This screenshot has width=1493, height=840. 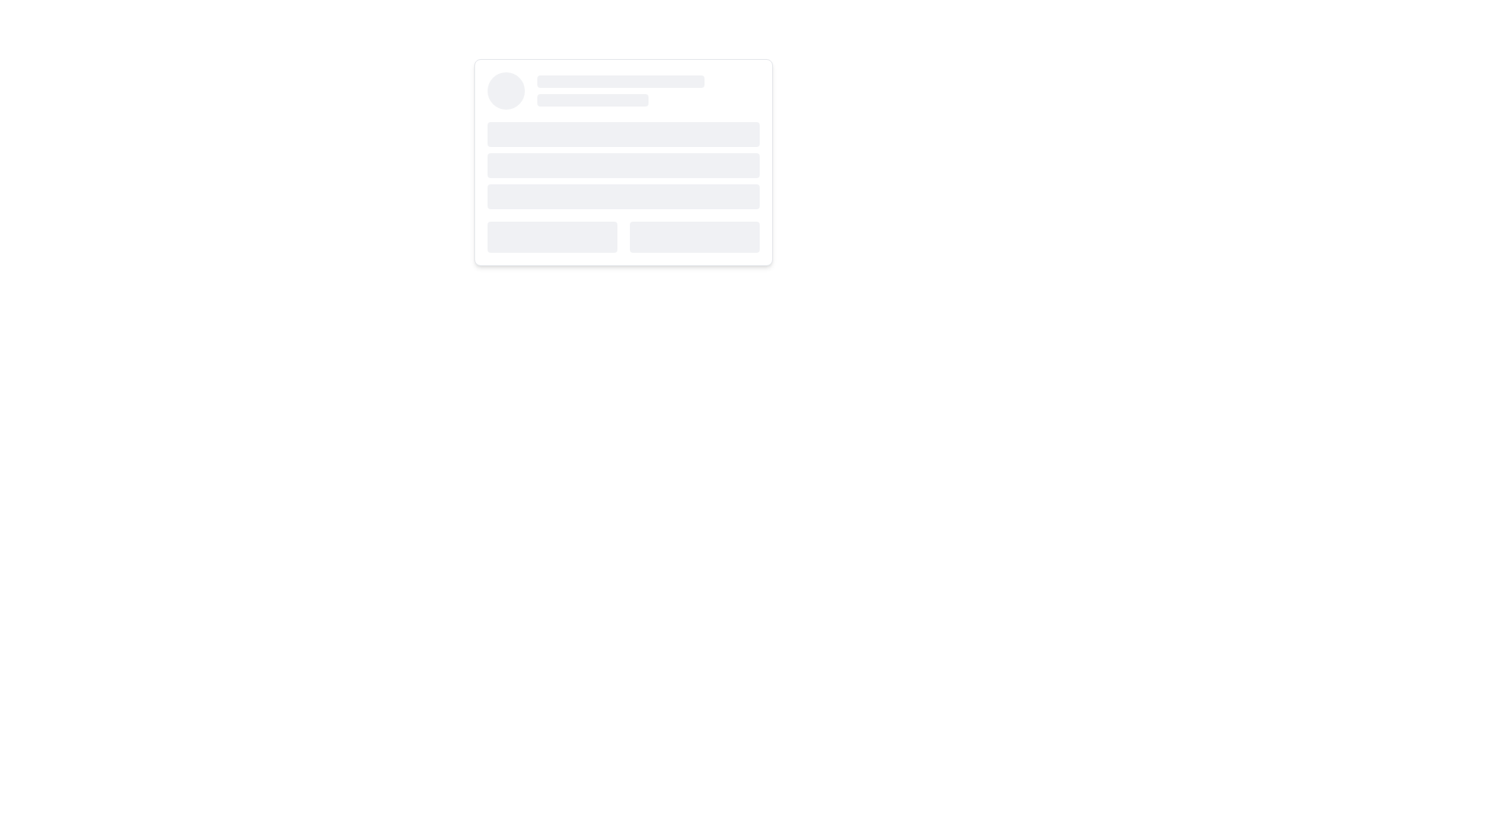 What do you see at coordinates (552, 236) in the screenshot?
I see `the loading placeholder or skeleton loader, which is the left component of two horizontally aligned rectangles located towards the bottom-center of the layout` at bounding box center [552, 236].